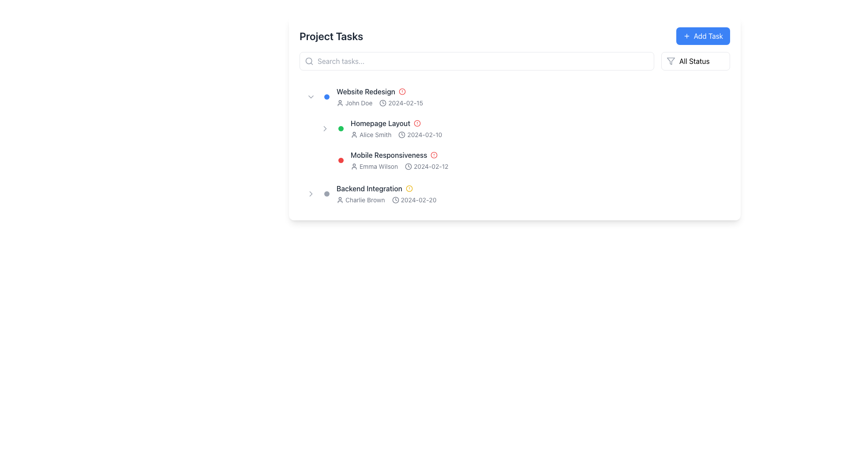 The width and height of the screenshot is (847, 476). What do you see at coordinates (408, 167) in the screenshot?
I see `the main boundary circle of the clock icon, which is a Vector graphic circle element (SVG) positioned at the center of the clock icon adjacent to 'Backend Integration'` at bounding box center [408, 167].